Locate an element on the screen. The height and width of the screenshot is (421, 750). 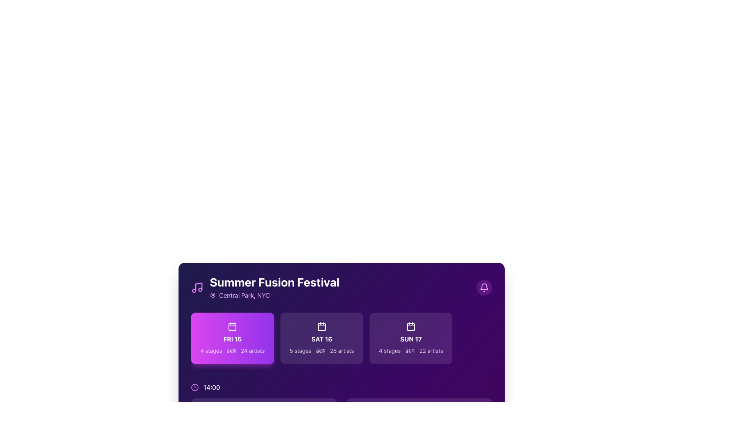
the purple pin icon located to the left of the text 'Central Park, NYC' under the title 'Summer Fusion Festival.' is located at coordinates (213, 295).